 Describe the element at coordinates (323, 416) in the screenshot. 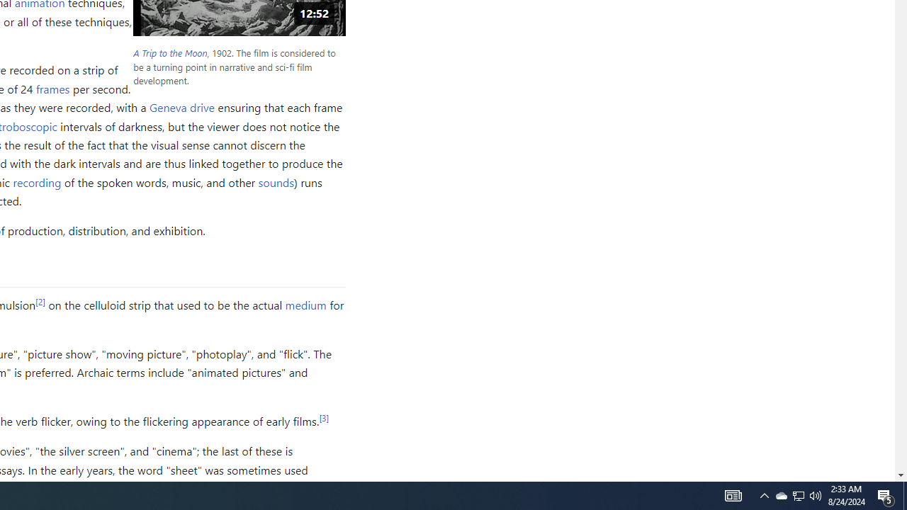

I see `'[3]'` at that location.